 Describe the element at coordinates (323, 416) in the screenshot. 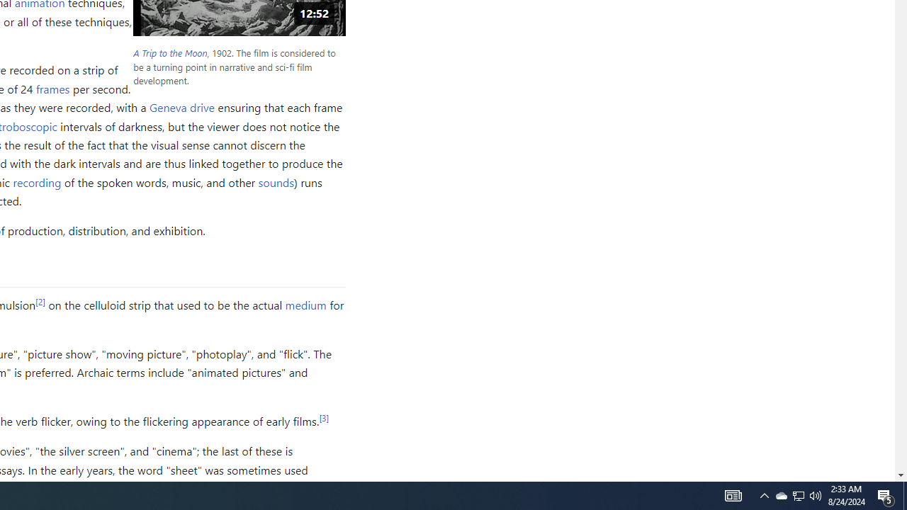

I see `'[3]'` at that location.